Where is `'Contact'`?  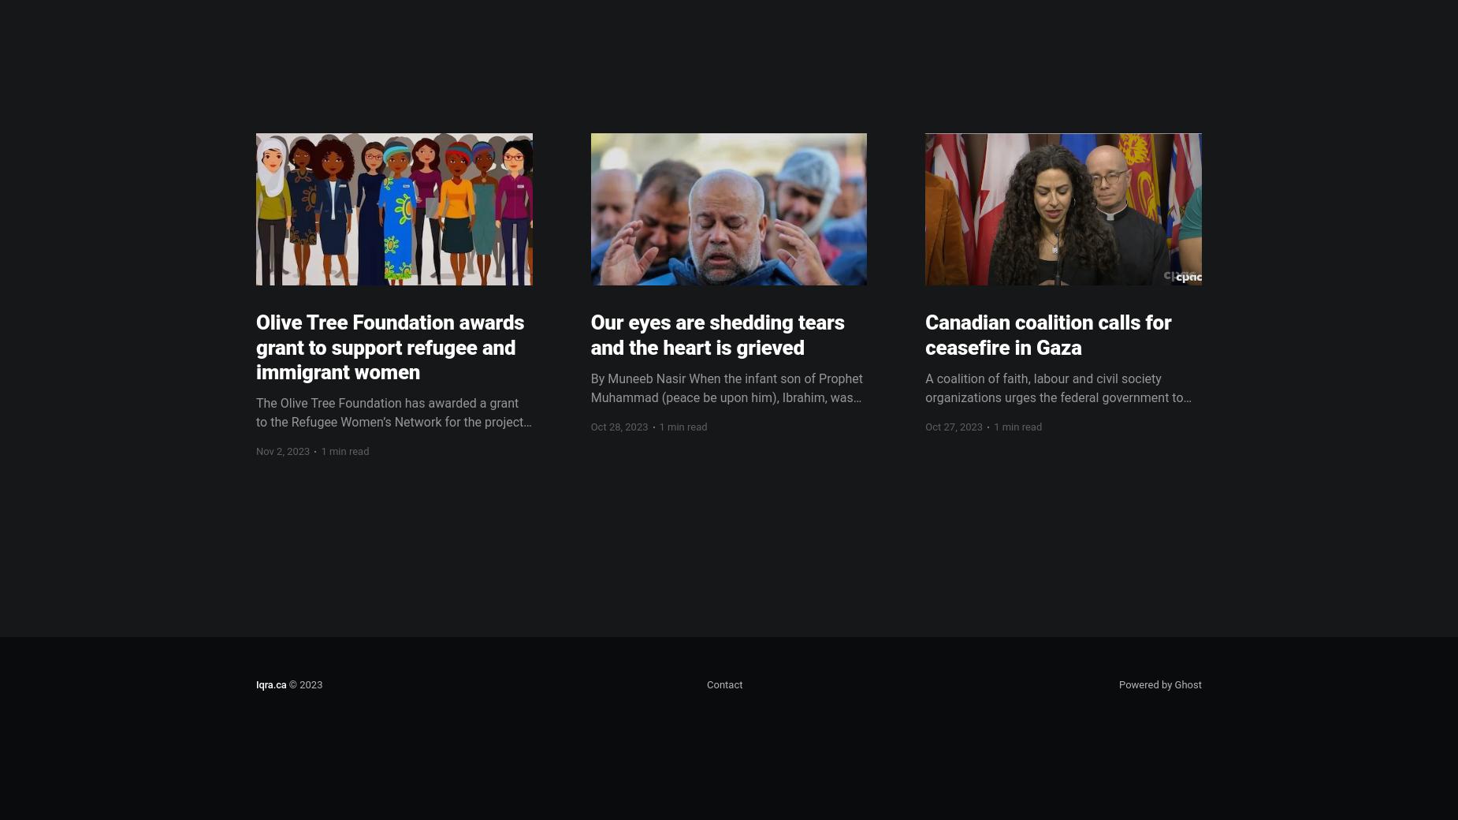
'Contact' is located at coordinates (724, 683).